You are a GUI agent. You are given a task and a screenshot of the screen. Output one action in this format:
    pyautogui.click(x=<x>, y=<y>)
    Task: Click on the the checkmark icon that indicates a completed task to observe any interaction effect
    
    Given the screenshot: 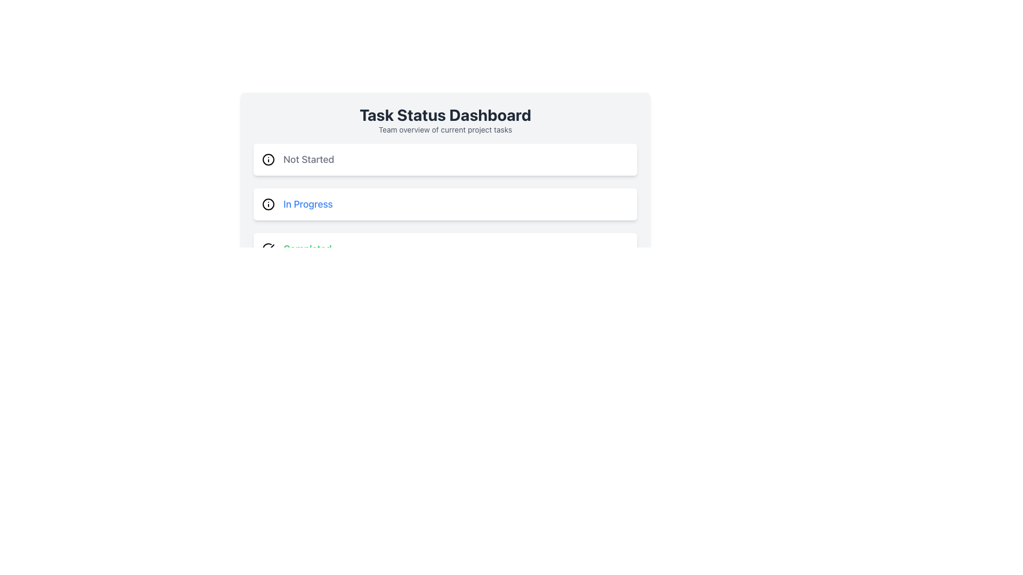 What is the action you would take?
    pyautogui.click(x=269, y=249)
    